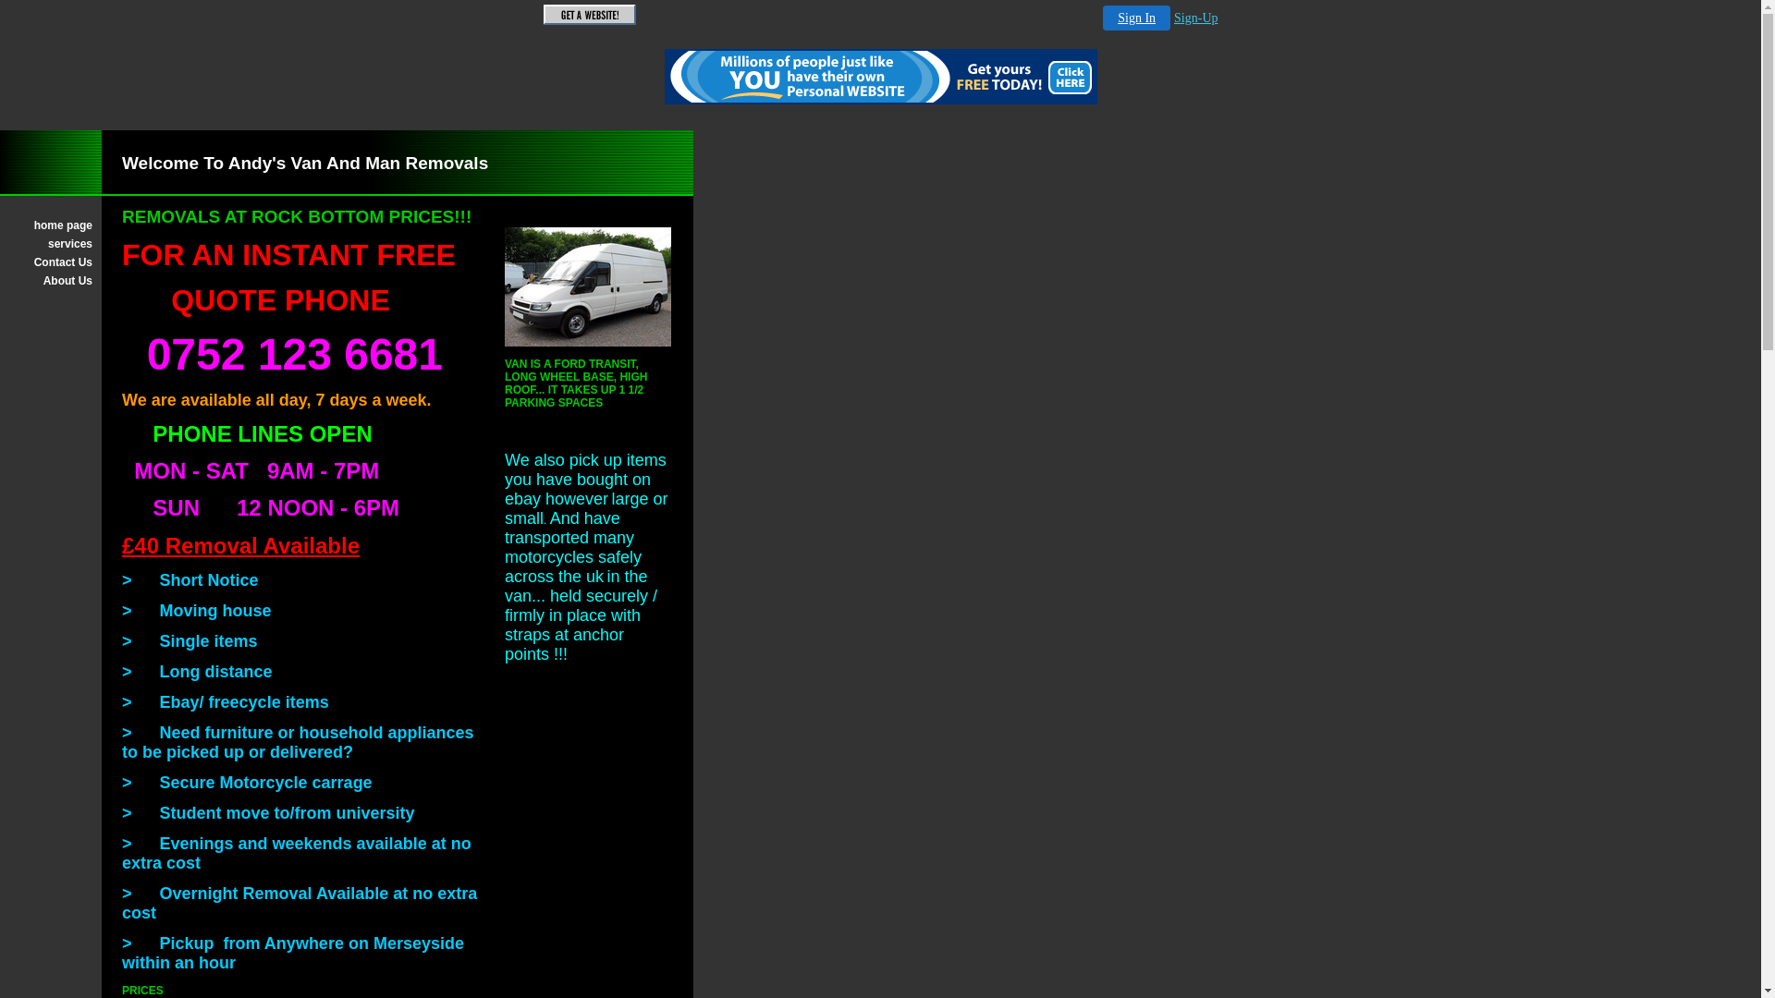 The image size is (1775, 998). Describe the element at coordinates (1195, 18) in the screenshot. I see `'Sign-Up'` at that location.